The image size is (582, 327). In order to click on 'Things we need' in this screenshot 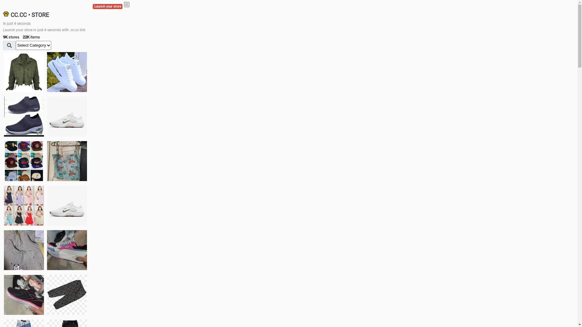, I will do `click(24, 161)`.